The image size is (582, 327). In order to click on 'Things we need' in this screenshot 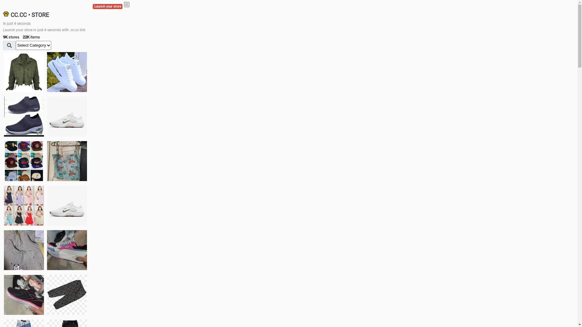, I will do `click(24, 161)`.